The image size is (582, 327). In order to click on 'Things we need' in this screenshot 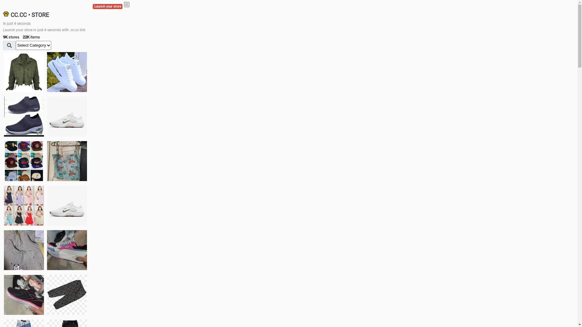, I will do `click(24, 161)`.